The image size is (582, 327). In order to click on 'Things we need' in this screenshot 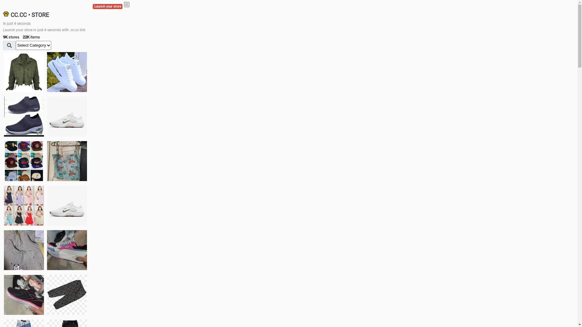, I will do `click(24, 161)`.